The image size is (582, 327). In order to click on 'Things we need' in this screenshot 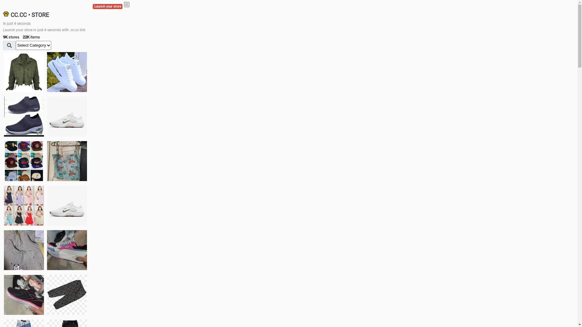, I will do `click(24, 161)`.